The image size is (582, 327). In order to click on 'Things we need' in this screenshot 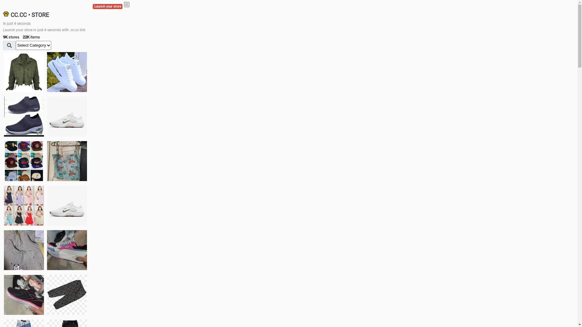, I will do `click(24, 161)`.